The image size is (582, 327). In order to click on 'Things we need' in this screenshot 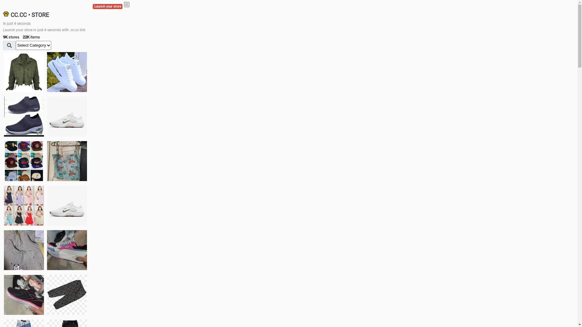, I will do `click(24, 161)`.